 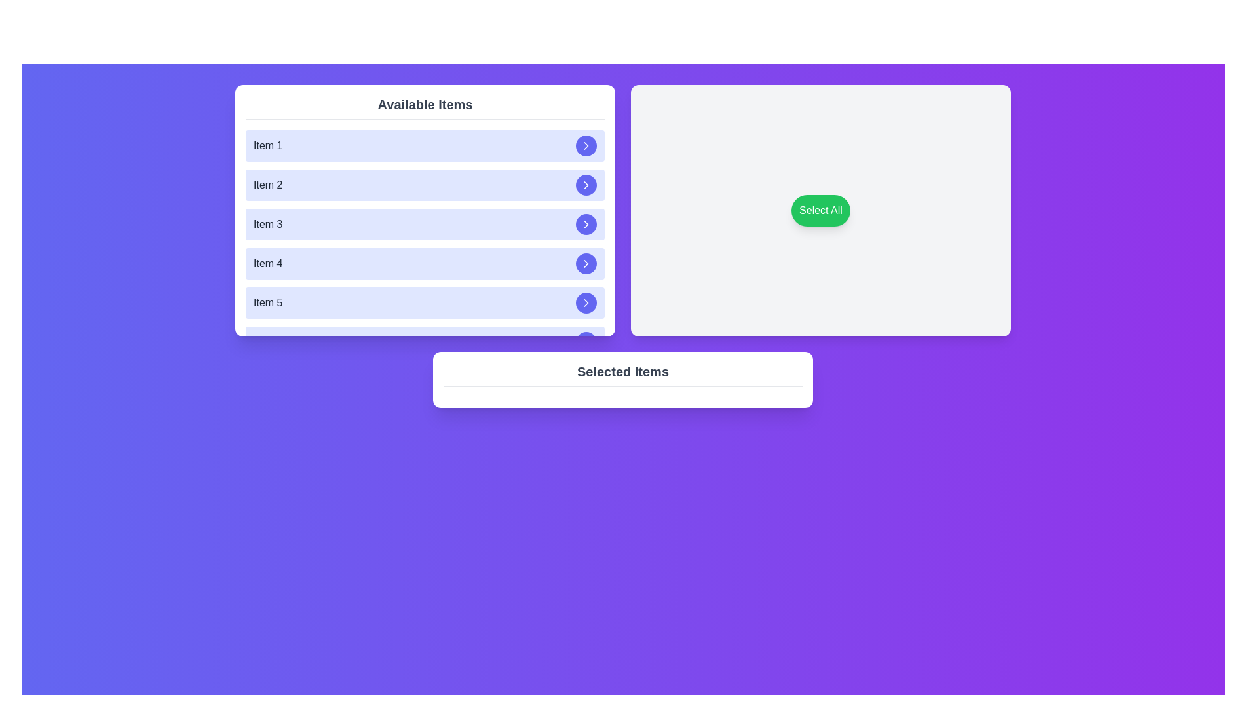 I want to click on on 'Item 5' in the 'Available Items' list for focused interaction, so click(x=425, y=302).